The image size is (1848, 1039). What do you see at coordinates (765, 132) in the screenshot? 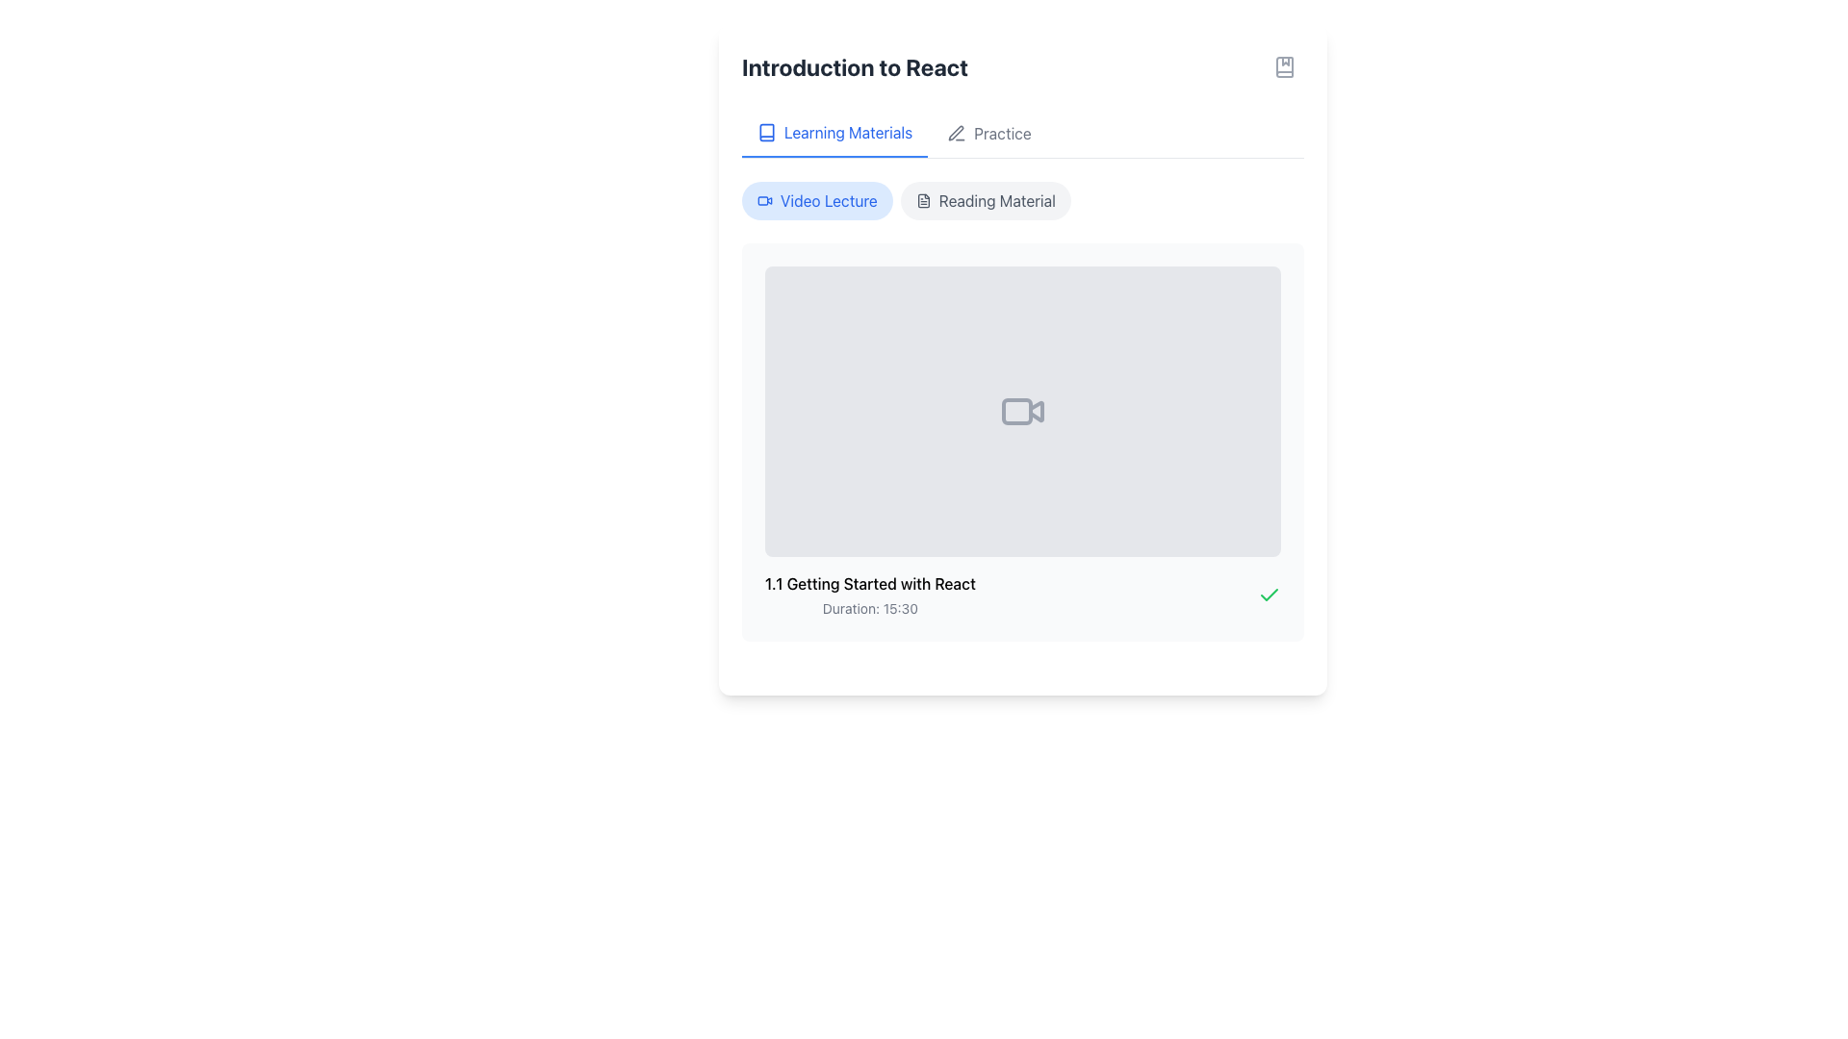
I see `the small monochromatic SVG icon resembling a book or document, located to the left of the 'Learning Materials' tab in the navigation section` at bounding box center [765, 132].